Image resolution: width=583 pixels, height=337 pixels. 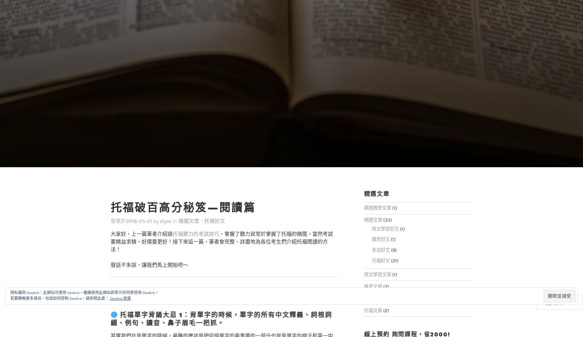 What do you see at coordinates (407, 321) in the screenshot?
I see `'線上預約 詢問課程，省2000!'` at bounding box center [407, 321].